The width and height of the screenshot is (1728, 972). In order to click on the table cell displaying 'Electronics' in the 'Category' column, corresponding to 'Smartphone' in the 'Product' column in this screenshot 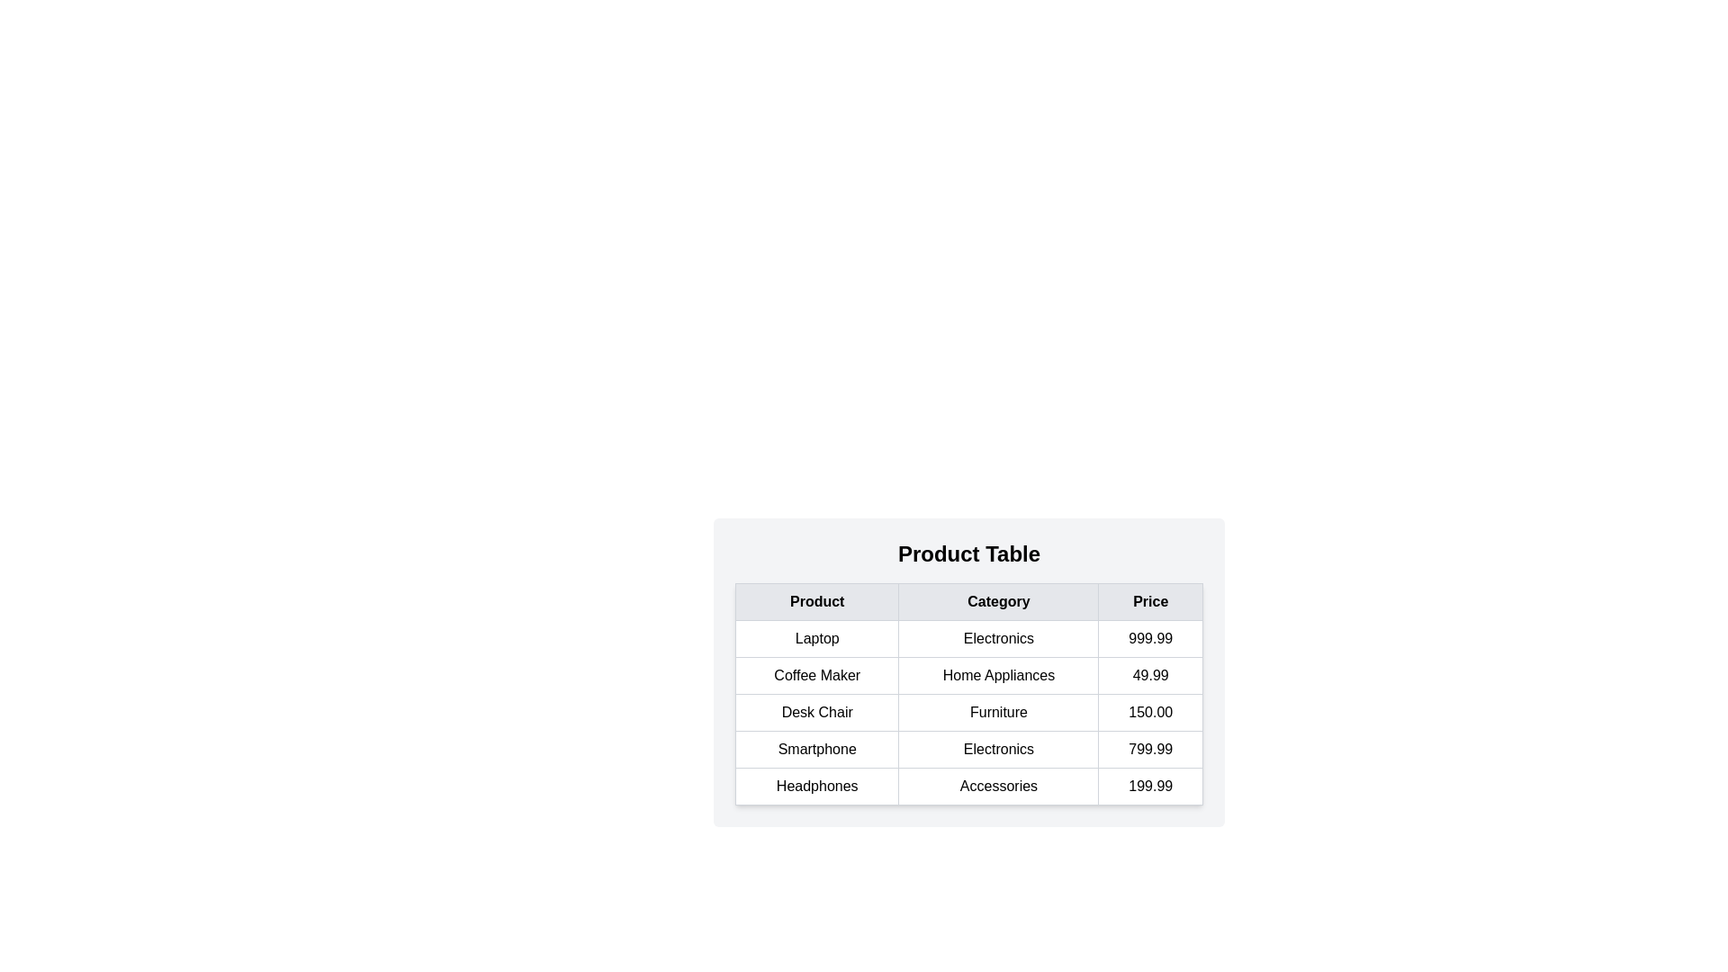, I will do `click(997, 750)`.